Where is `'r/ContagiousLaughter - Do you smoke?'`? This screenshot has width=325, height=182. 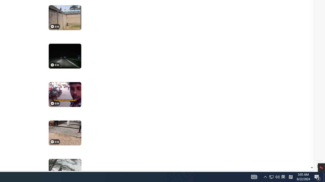 'r/ContagiousLaughter - Do you smoke?' is located at coordinates (64, 95).